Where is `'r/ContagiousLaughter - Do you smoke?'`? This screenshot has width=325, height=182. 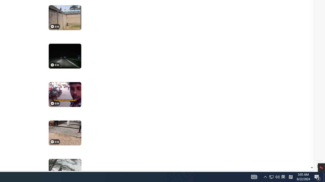 'r/ContagiousLaughter - Do you smoke?' is located at coordinates (64, 95).